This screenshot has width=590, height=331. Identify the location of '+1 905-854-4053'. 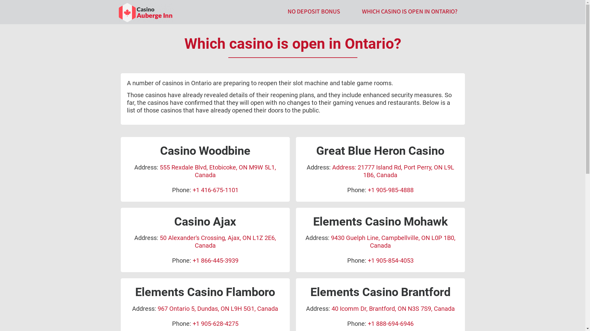
(390, 260).